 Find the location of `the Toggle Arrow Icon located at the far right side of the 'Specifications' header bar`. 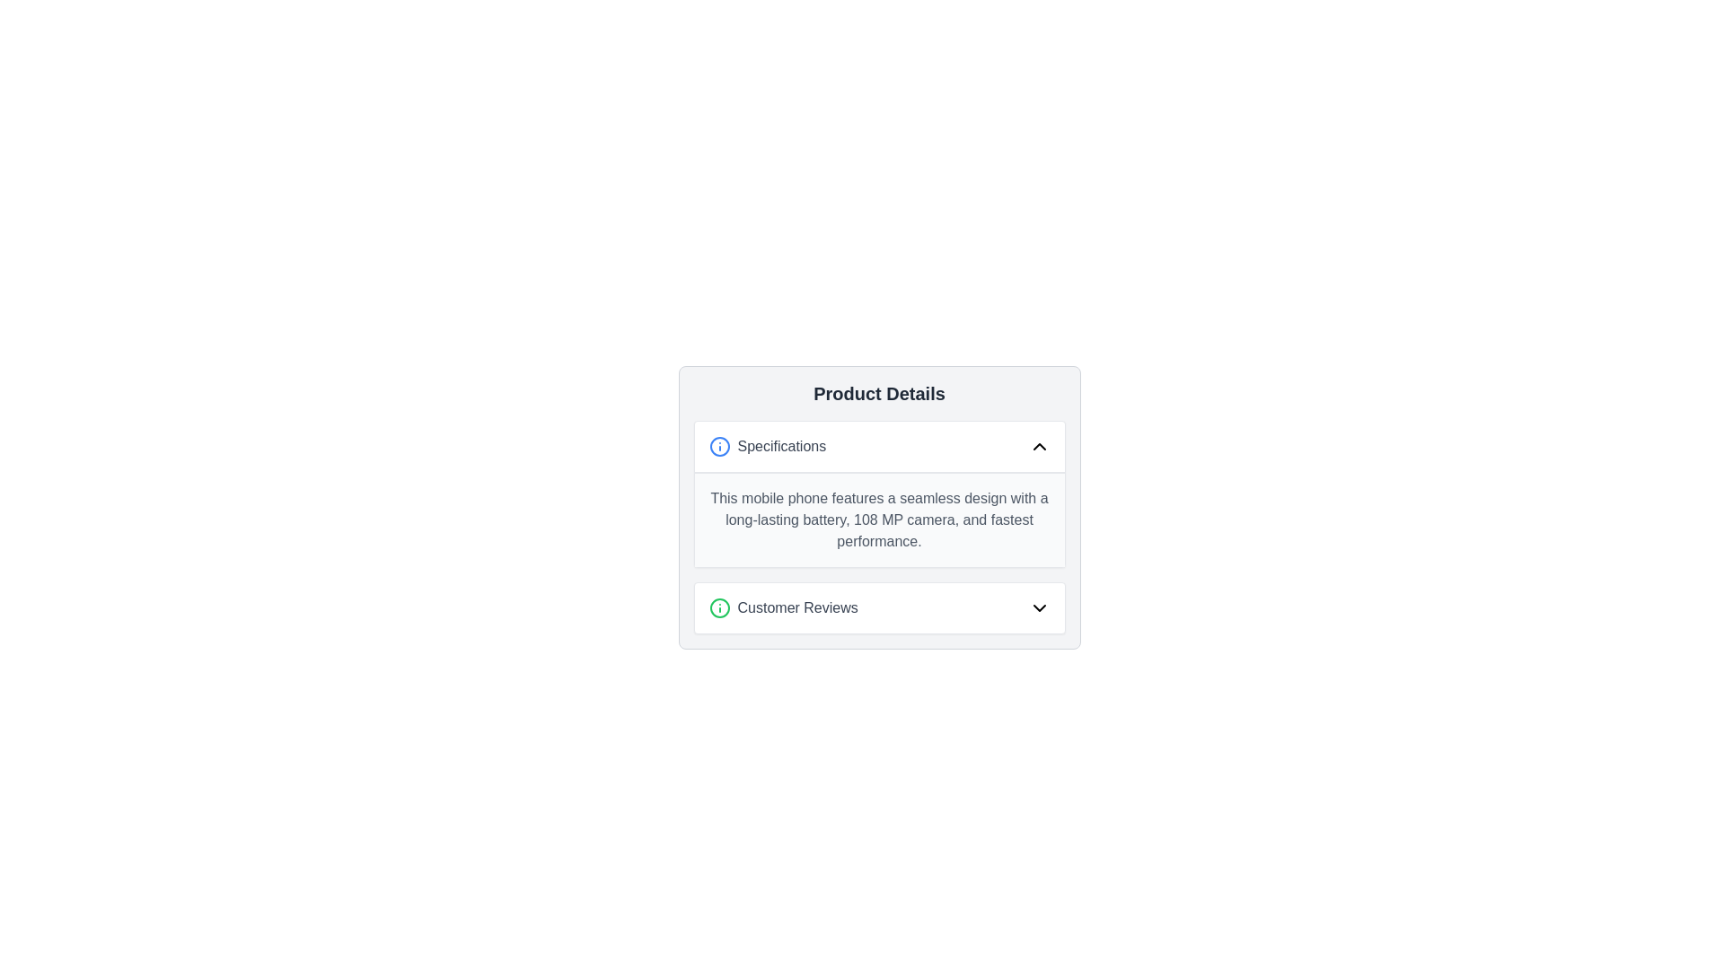

the Toggle Arrow Icon located at the far right side of the 'Specifications' header bar is located at coordinates (1039, 445).